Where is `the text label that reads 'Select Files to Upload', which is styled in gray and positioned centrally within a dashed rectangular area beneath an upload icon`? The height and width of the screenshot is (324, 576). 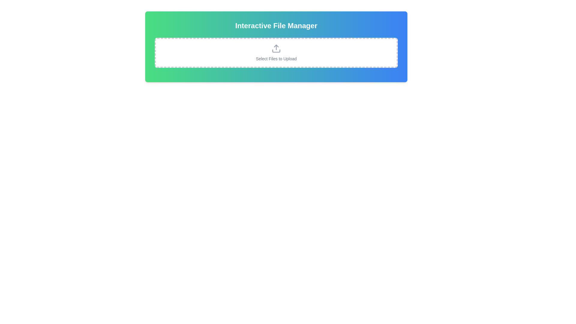 the text label that reads 'Select Files to Upload', which is styled in gray and positioned centrally within a dashed rectangular area beneath an upload icon is located at coordinates (276, 59).